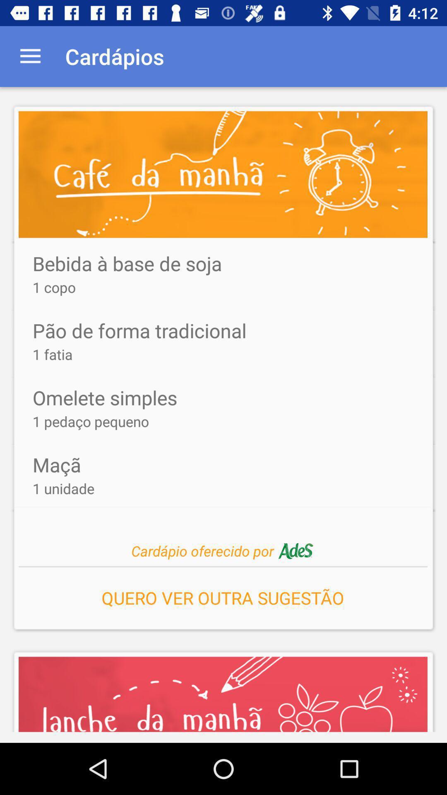 This screenshot has width=447, height=795. What do you see at coordinates (223, 699) in the screenshot?
I see `the image on the bottom line of the web page` at bounding box center [223, 699].